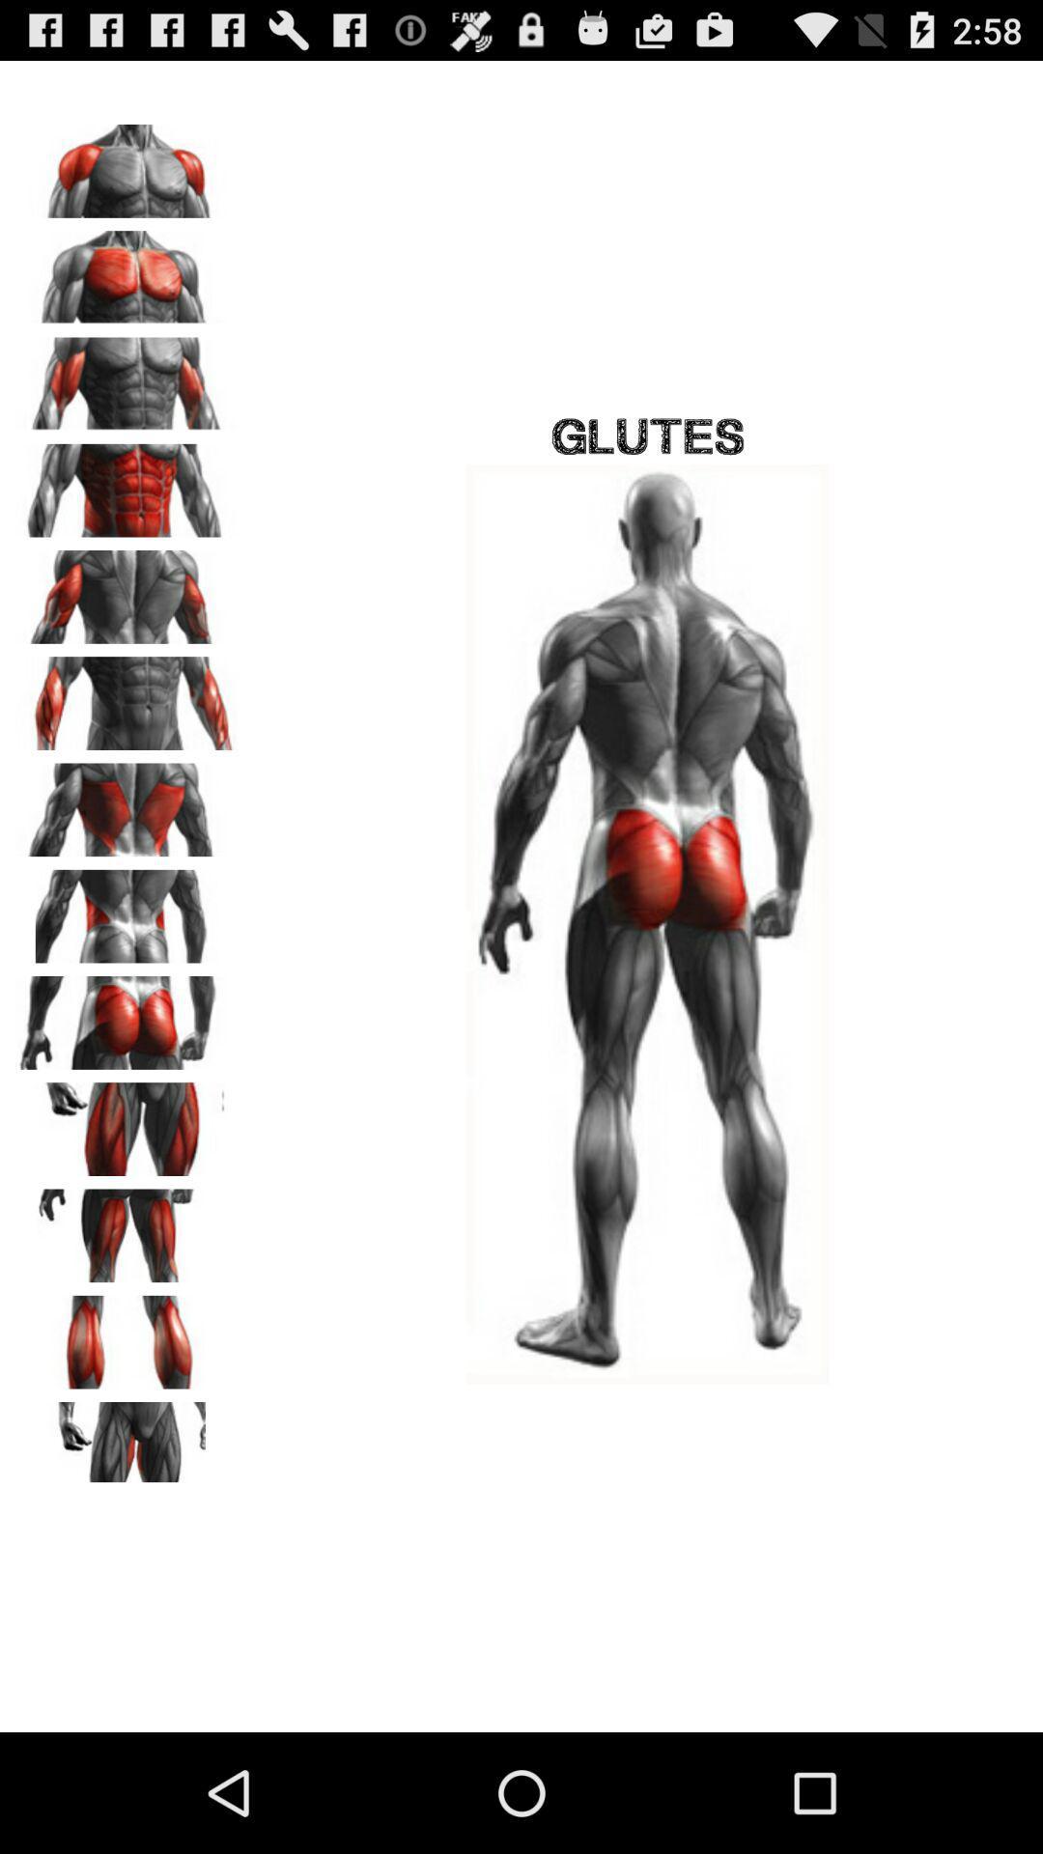 Image resolution: width=1043 pixels, height=1854 pixels. Describe the element at coordinates (127, 1015) in the screenshot. I see `body section selection for workout option` at that location.